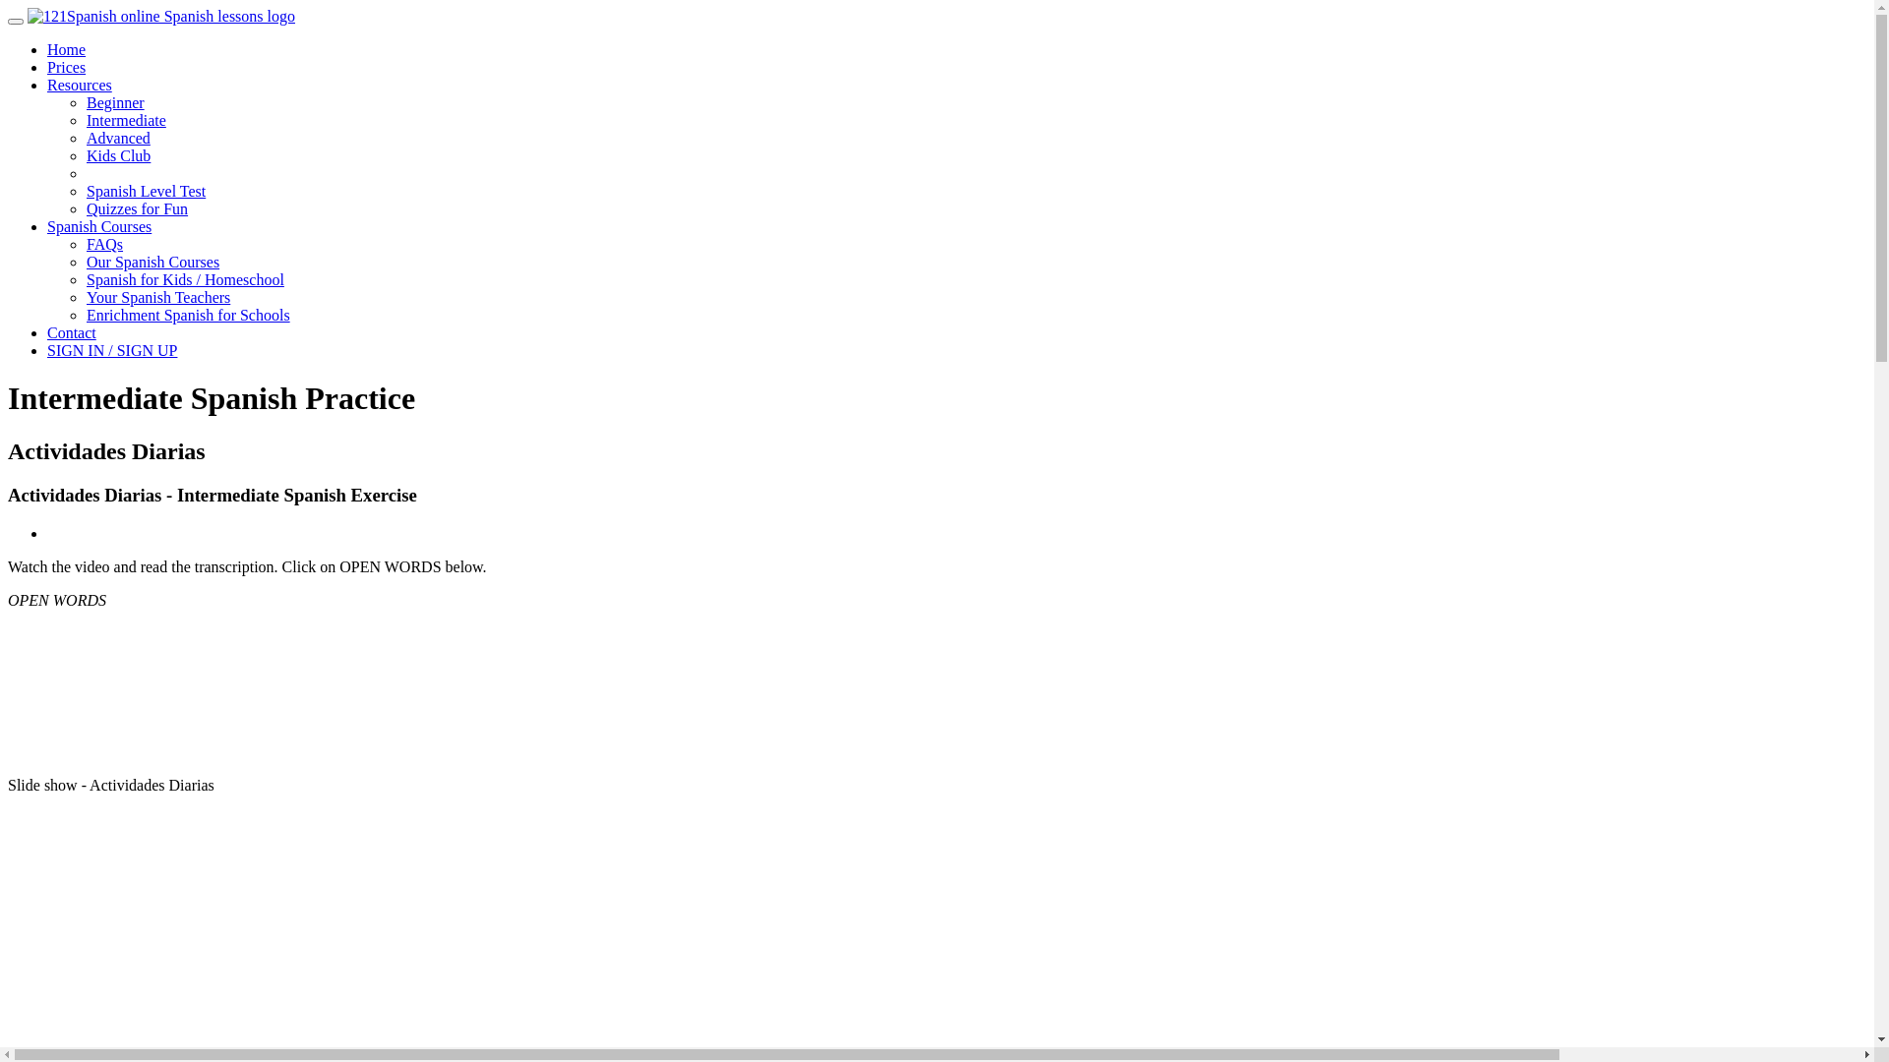  What do you see at coordinates (56, 599) in the screenshot?
I see `'OPEN WORDS'` at bounding box center [56, 599].